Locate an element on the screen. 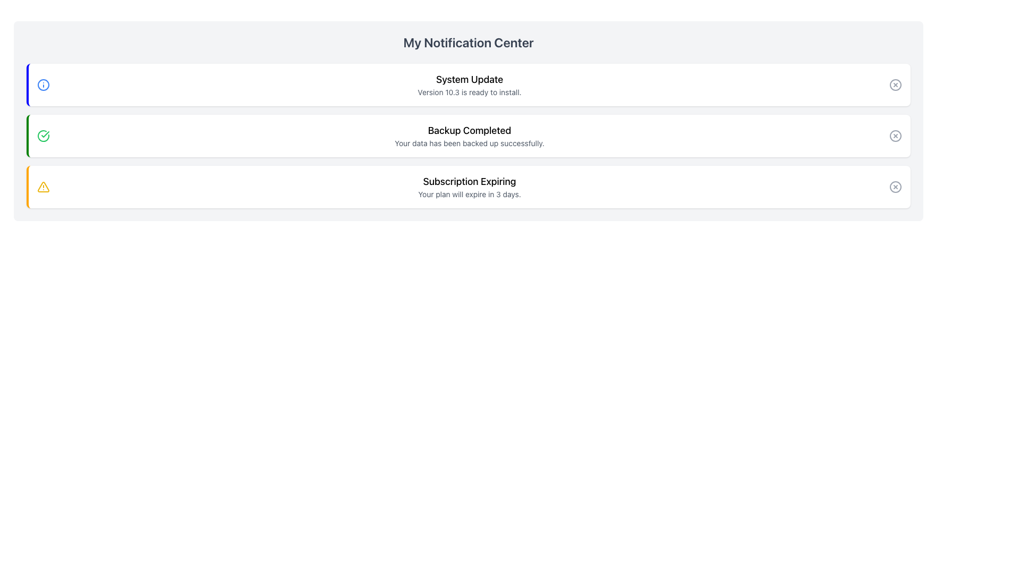 The image size is (1020, 574). the Text label that serves as the heading for the system update notification in the 'My Notification Center' section is located at coordinates (469, 79).